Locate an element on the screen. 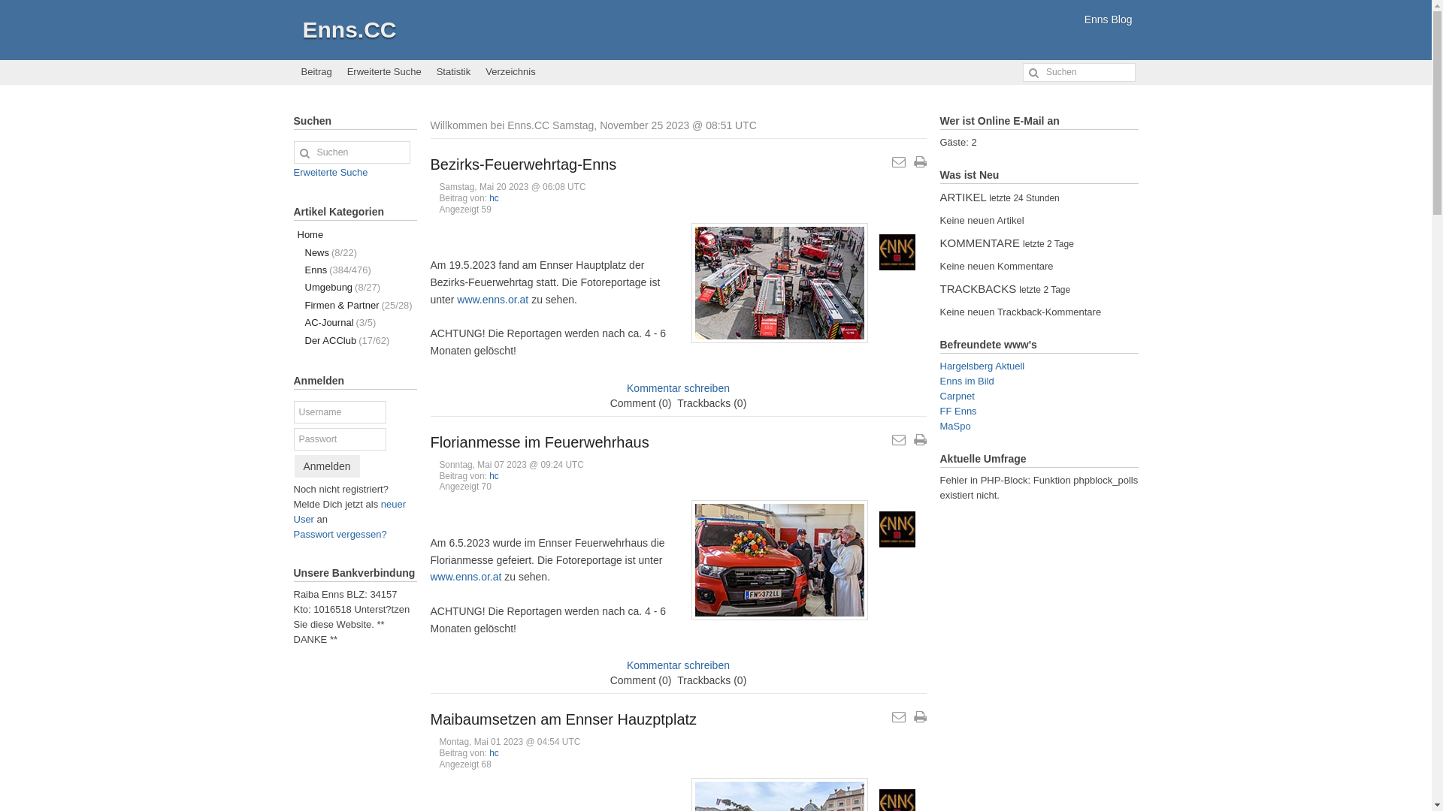 The height and width of the screenshot is (811, 1443). 'hc' is located at coordinates (489, 752).